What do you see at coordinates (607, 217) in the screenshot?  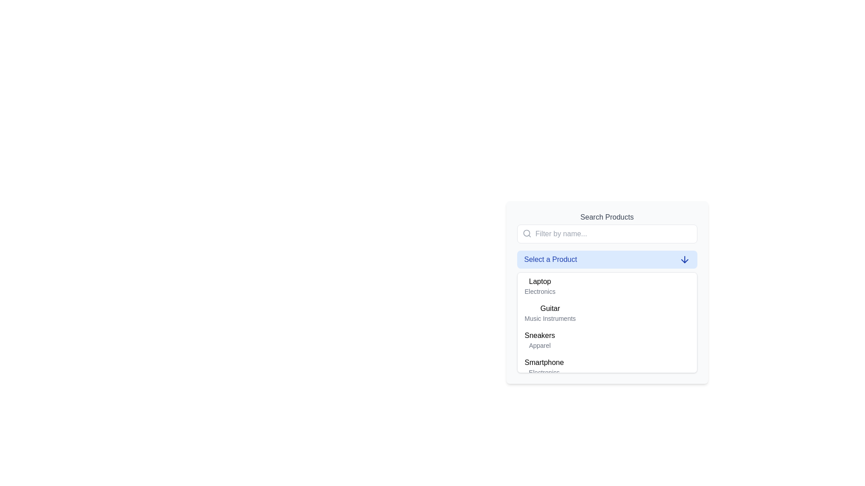 I see `the descriptive text label indicating the search input field for products, which is positioned above the input field labeled 'Filter by name...'` at bounding box center [607, 217].